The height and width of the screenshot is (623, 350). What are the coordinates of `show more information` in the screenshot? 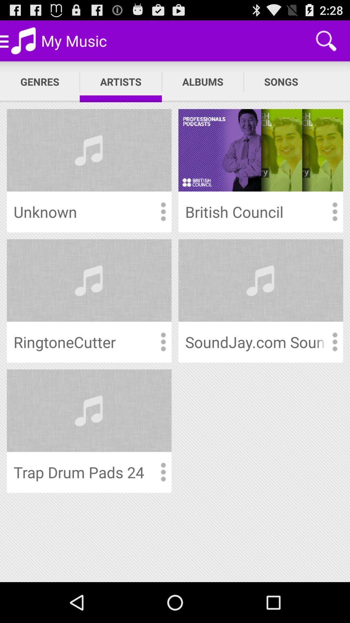 It's located at (163, 472).